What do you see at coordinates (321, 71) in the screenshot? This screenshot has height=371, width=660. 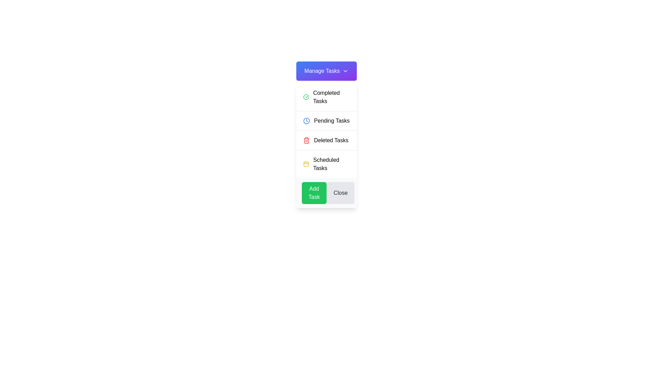 I see `the 'Manage Tasks' text label, which is styled with white text on a blue to purple gradient background and located at the top of the dropdown panel for task categories` at bounding box center [321, 71].